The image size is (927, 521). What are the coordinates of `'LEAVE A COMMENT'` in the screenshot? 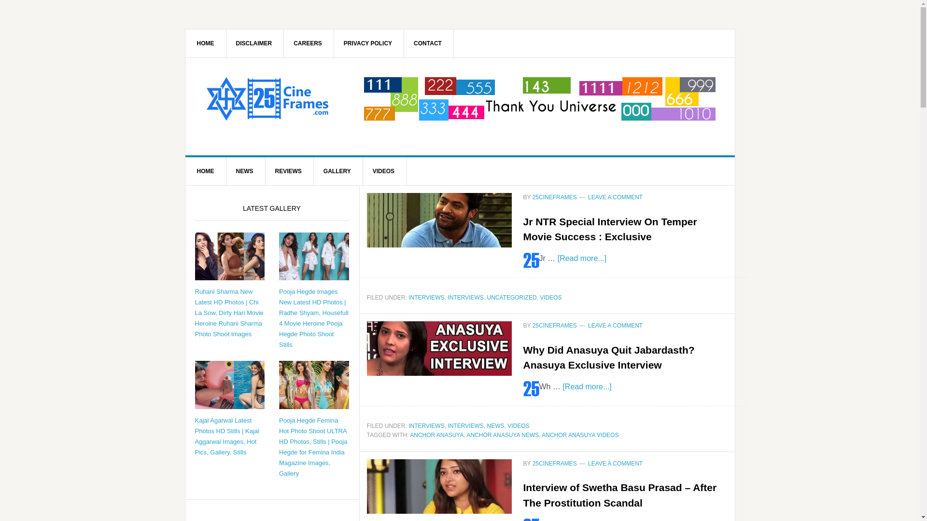 It's located at (588, 463).